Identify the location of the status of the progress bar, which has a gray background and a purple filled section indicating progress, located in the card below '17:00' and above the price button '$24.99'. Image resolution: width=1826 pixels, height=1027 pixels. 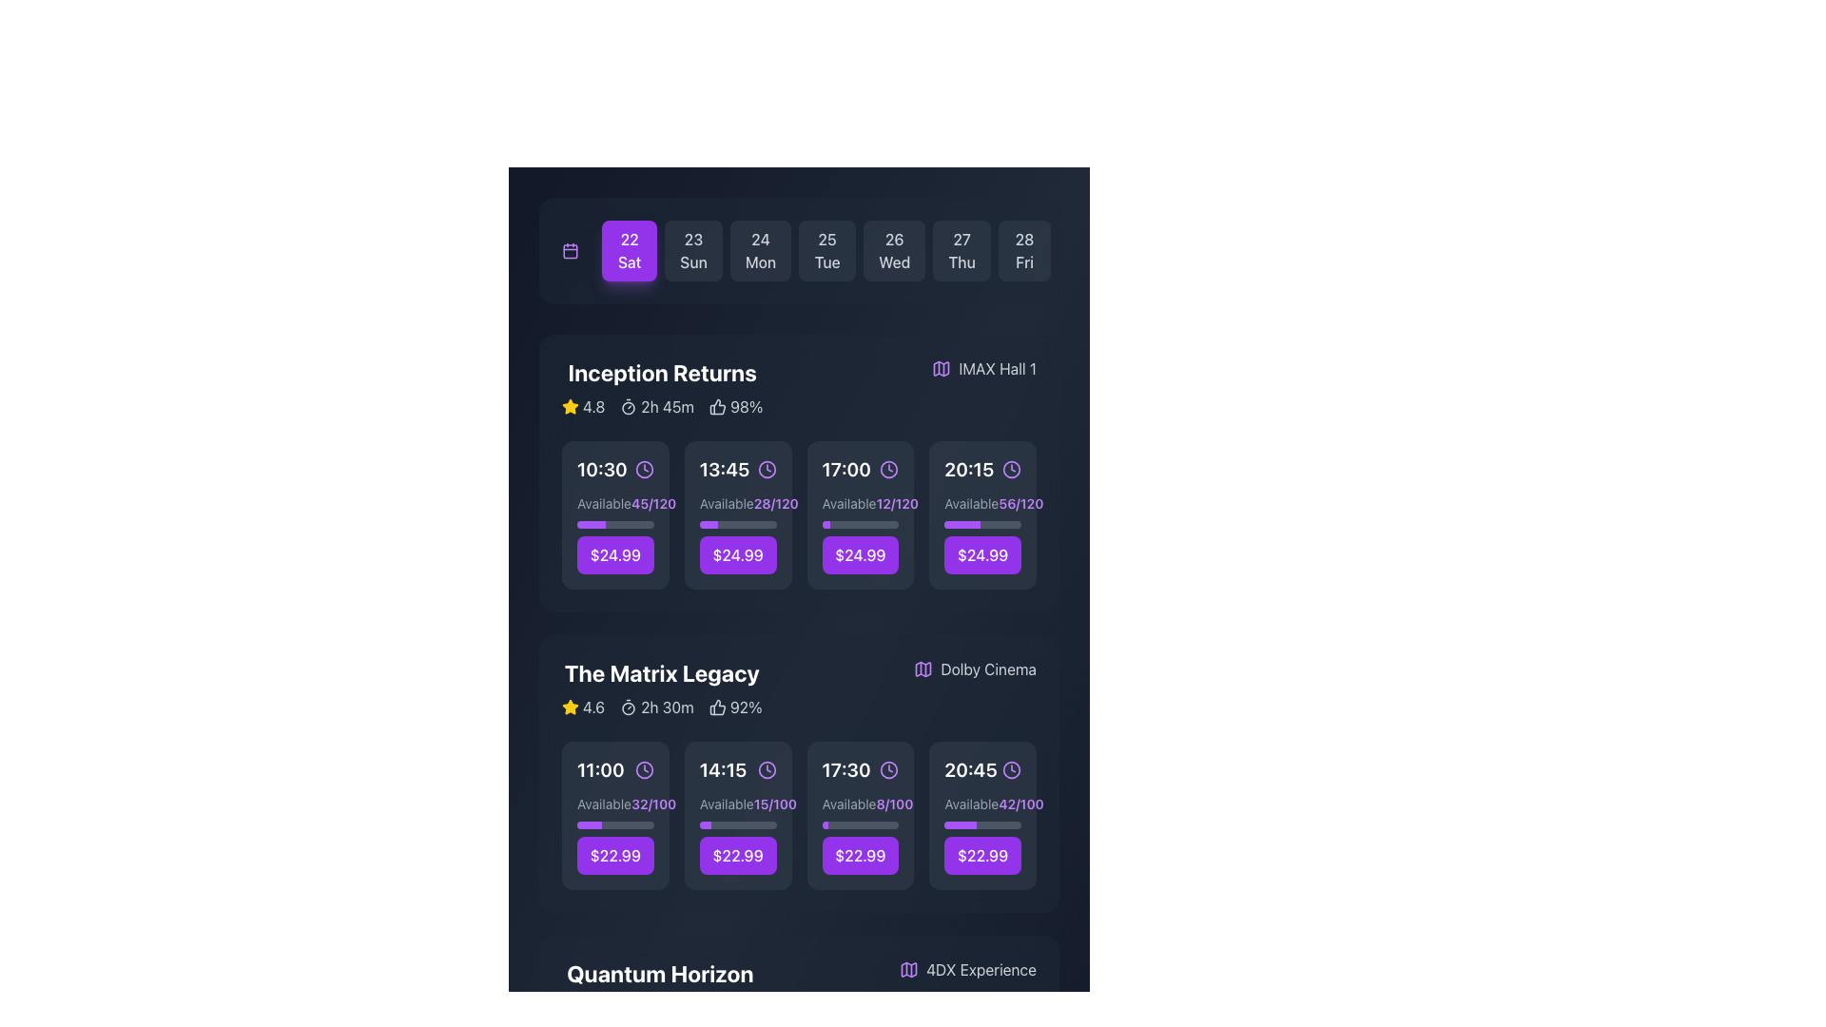
(859, 524).